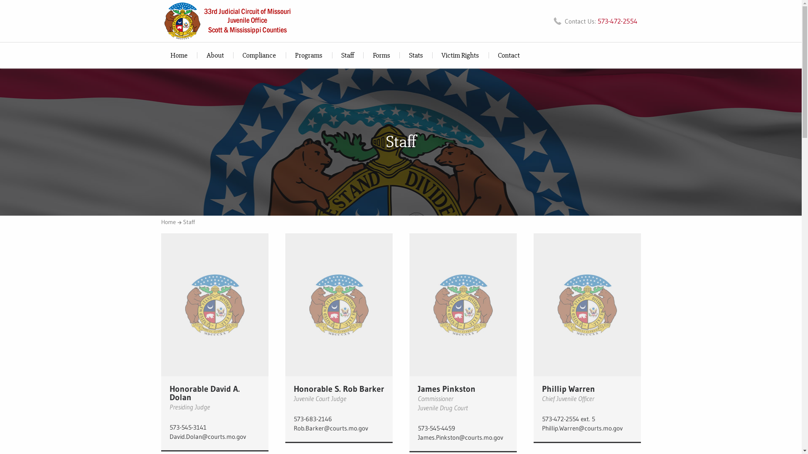  What do you see at coordinates (508, 55) in the screenshot?
I see `'Contact'` at bounding box center [508, 55].